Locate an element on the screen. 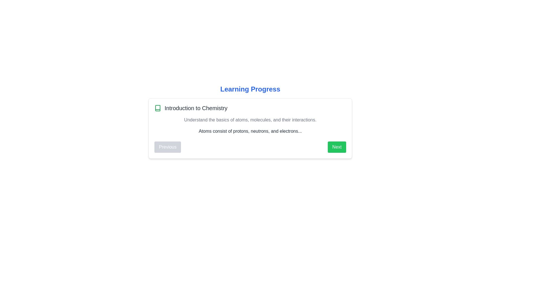 This screenshot has width=543, height=305. the bright green 'Next' button with rounded corners is located at coordinates (337, 147).